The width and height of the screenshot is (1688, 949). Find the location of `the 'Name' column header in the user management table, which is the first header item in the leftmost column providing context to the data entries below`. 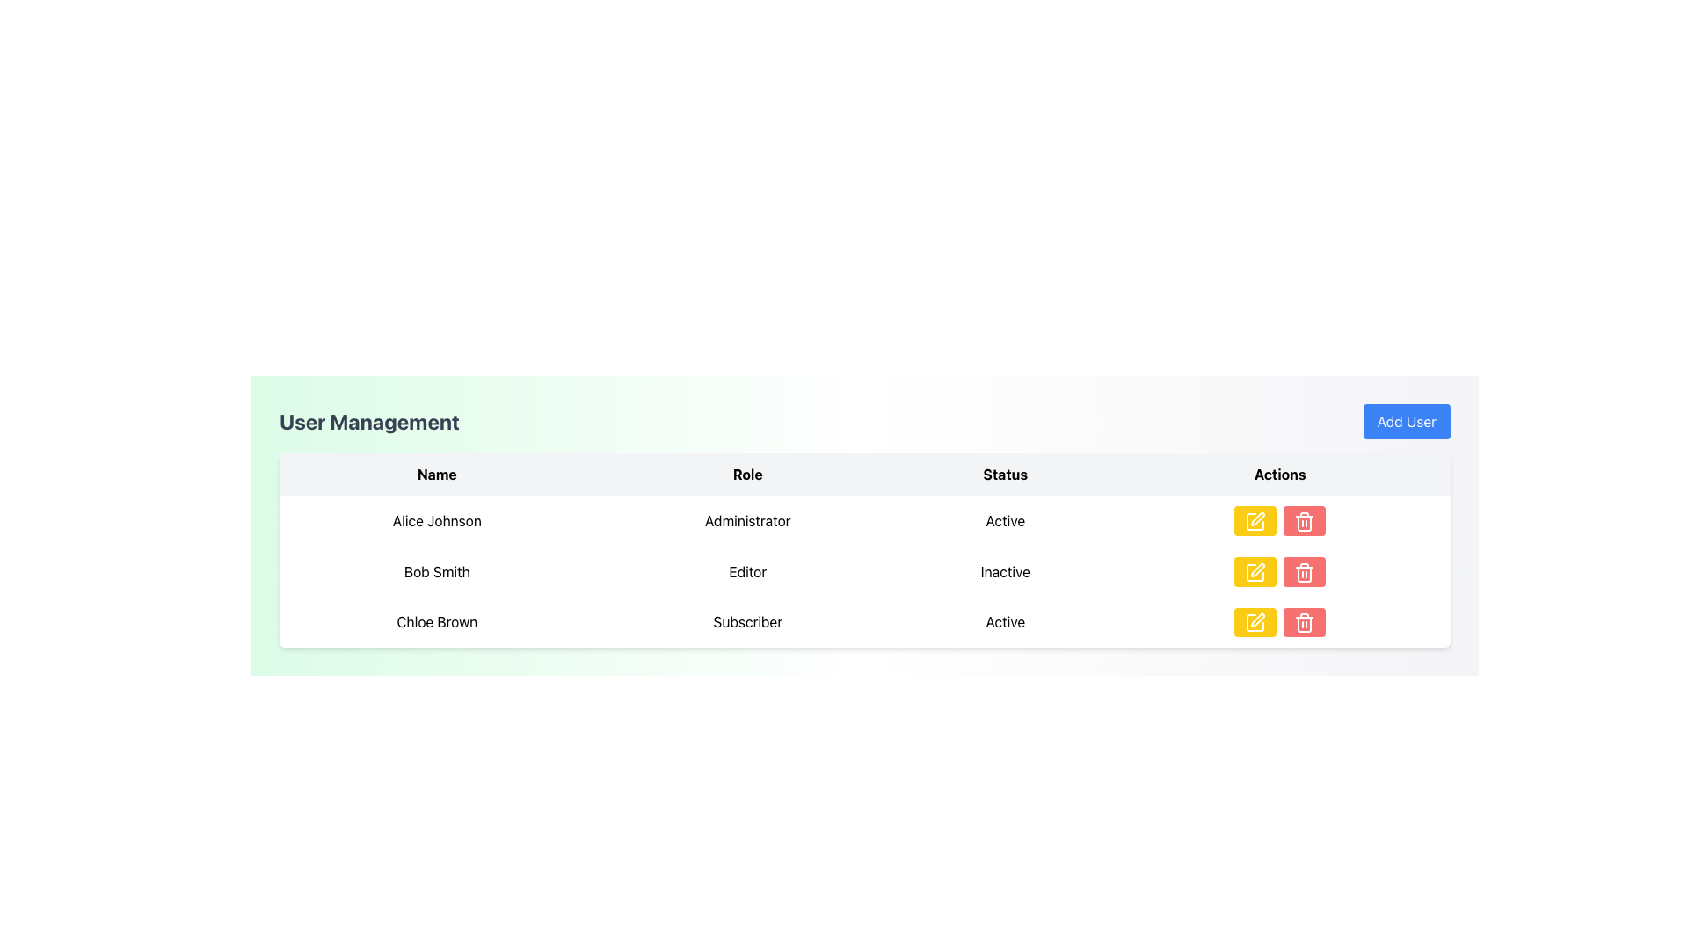

the 'Name' column header in the user management table, which is the first header item in the leftmost column providing context to the data entries below is located at coordinates (437, 474).